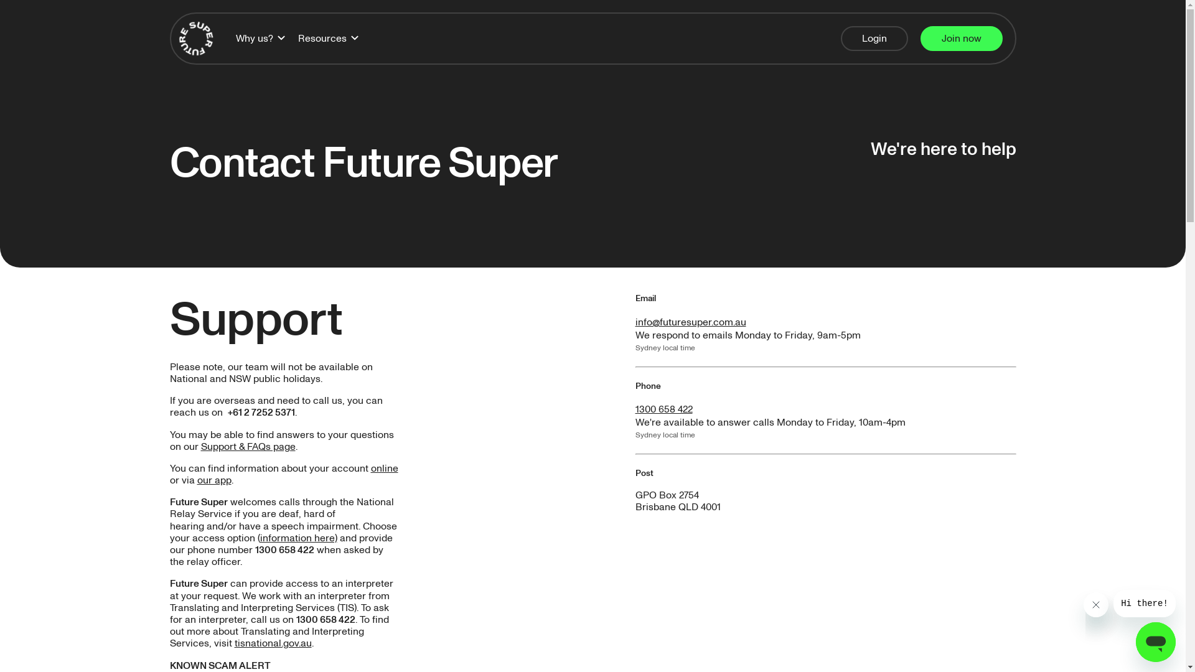 The image size is (1195, 672). What do you see at coordinates (920, 37) in the screenshot?
I see `'Join` at bounding box center [920, 37].